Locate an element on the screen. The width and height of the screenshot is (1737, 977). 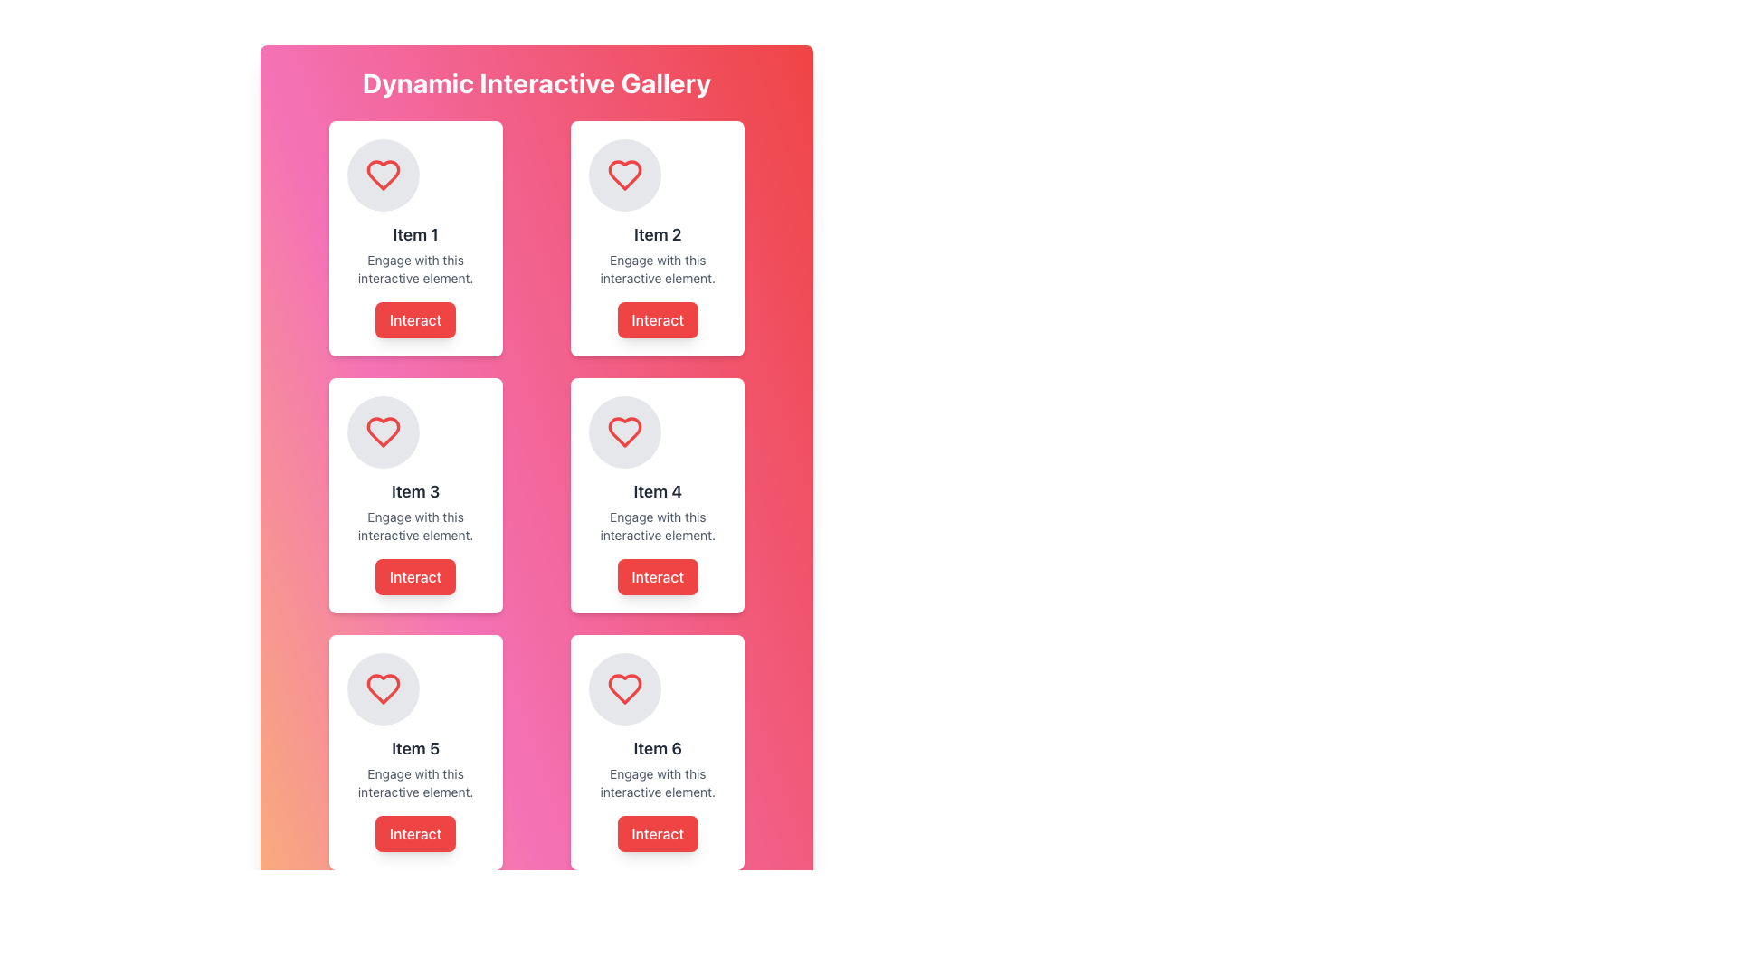
the button located at the bottom of the 'Item 4' card is located at coordinates (657, 576).